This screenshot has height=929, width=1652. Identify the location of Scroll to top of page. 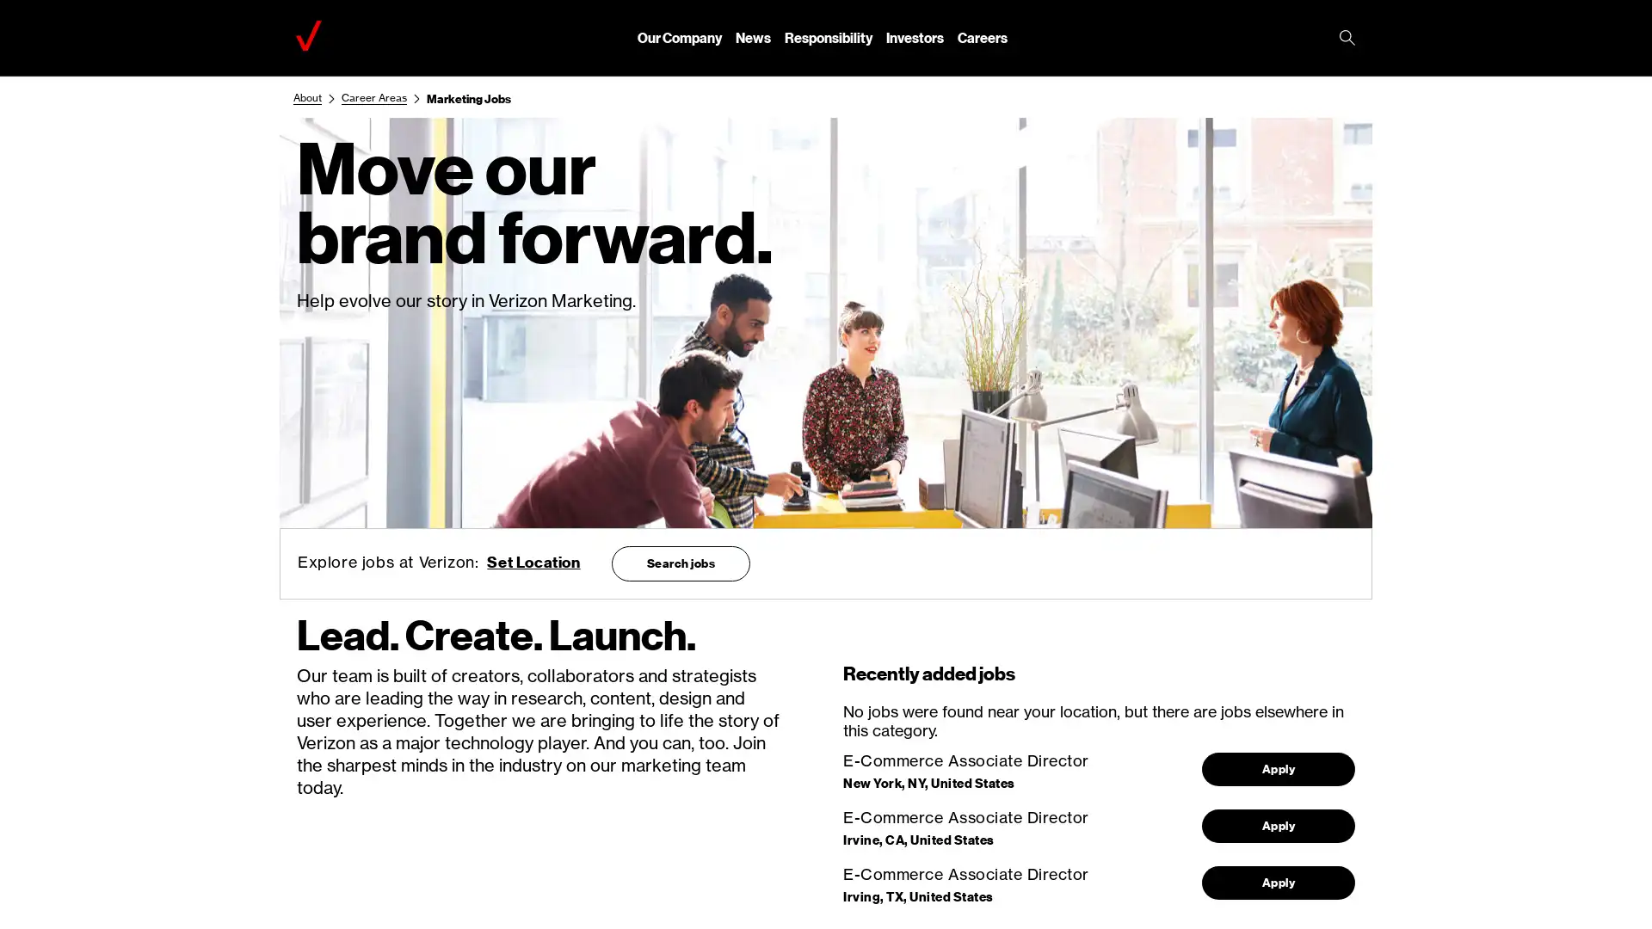
(1608, 877).